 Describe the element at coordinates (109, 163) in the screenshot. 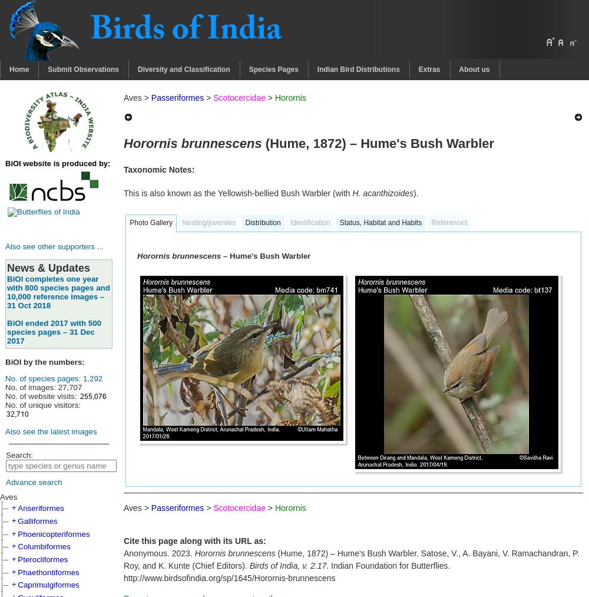

I see `':'` at that location.